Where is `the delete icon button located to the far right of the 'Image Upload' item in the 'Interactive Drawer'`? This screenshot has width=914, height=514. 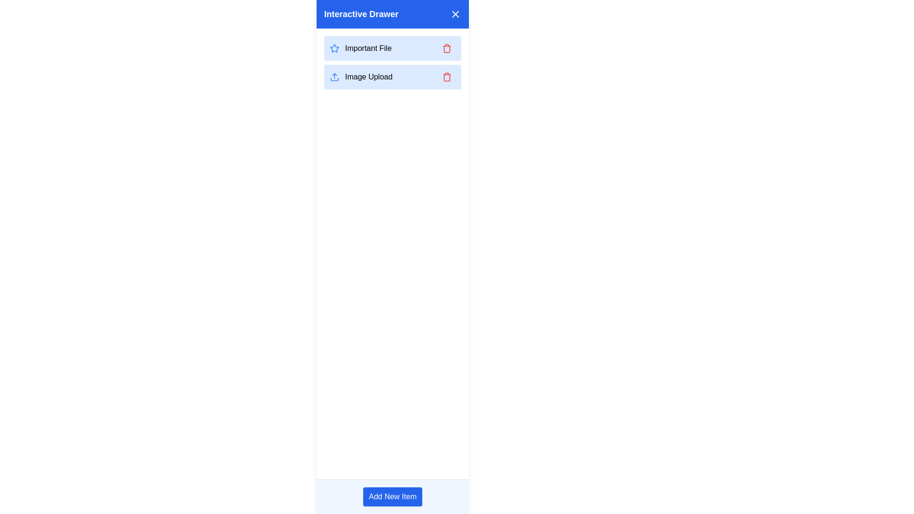
the delete icon button located to the far right of the 'Image Upload' item in the 'Interactive Drawer' is located at coordinates (447, 77).